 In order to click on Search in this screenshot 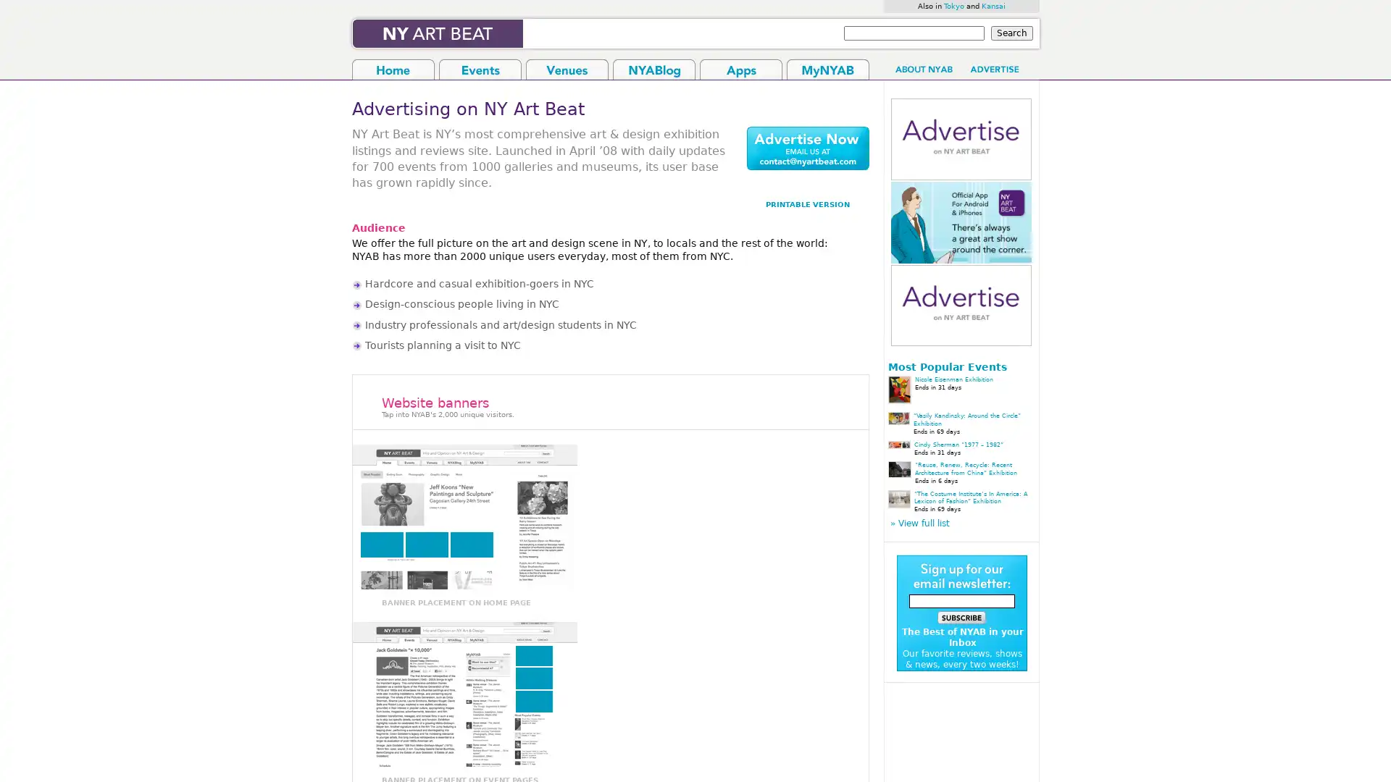, I will do `click(1011, 33)`.